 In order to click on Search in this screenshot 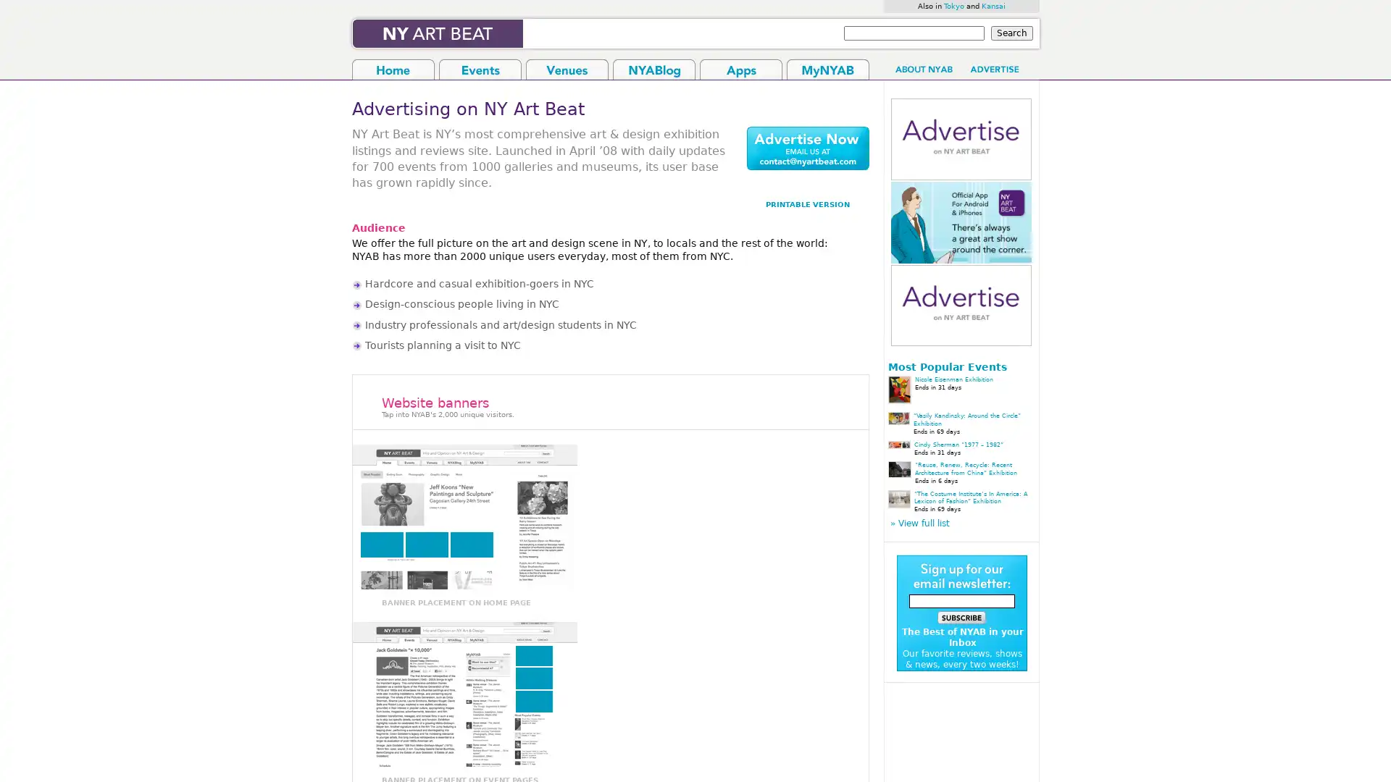, I will do `click(1011, 33)`.